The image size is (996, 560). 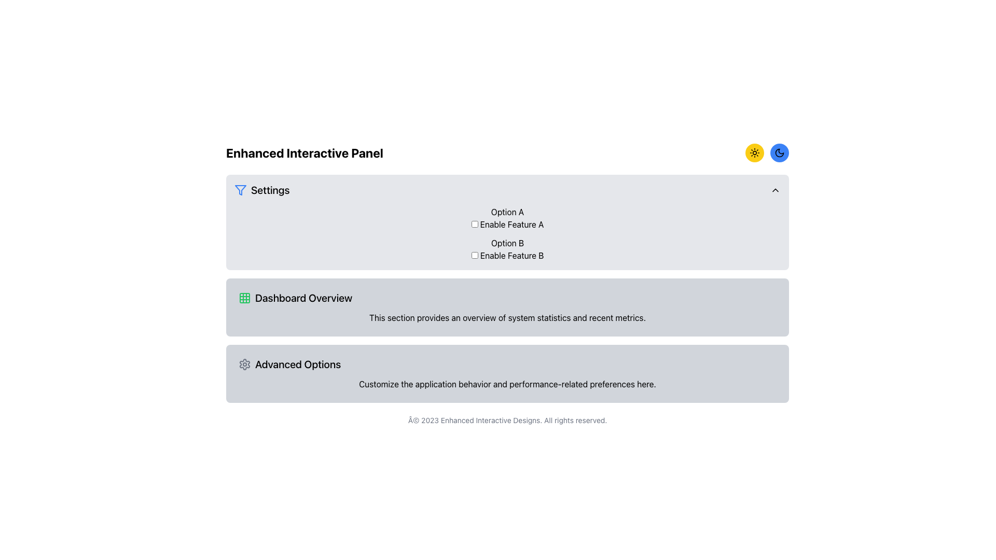 What do you see at coordinates (754, 152) in the screenshot?
I see `the circular icon button with a bright yellow background and a sun-shaped icon` at bounding box center [754, 152].